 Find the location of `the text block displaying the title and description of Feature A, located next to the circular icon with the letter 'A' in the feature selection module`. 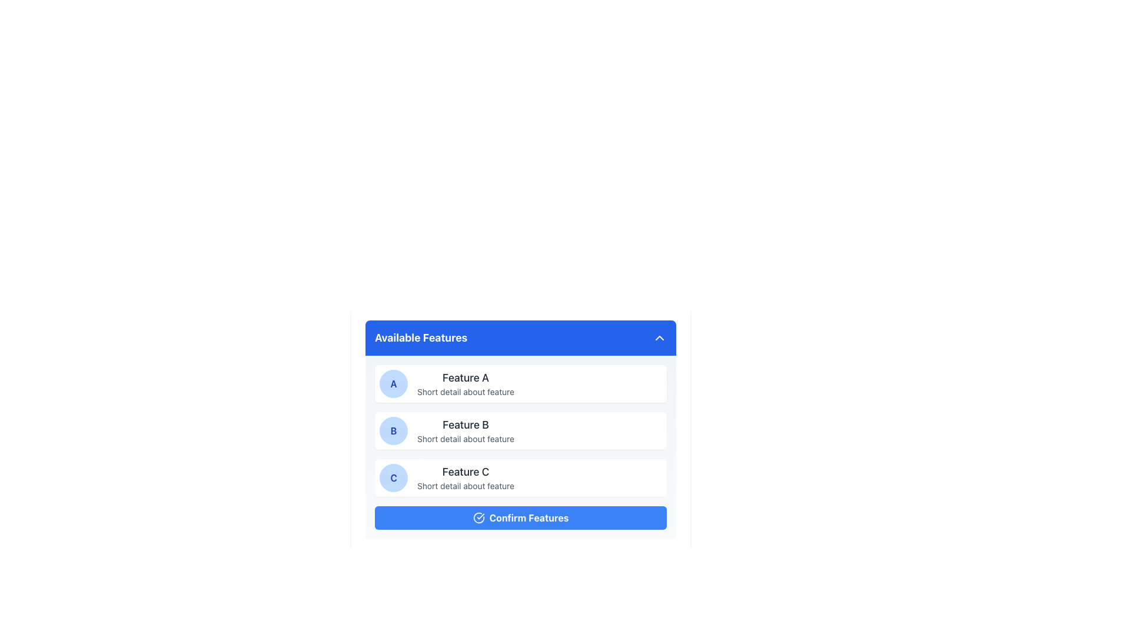

the text block displaying the title and description of Feature A, located next to the circular icon with the letter 'A' in the feature selection module is located at coordinates (465, 383).